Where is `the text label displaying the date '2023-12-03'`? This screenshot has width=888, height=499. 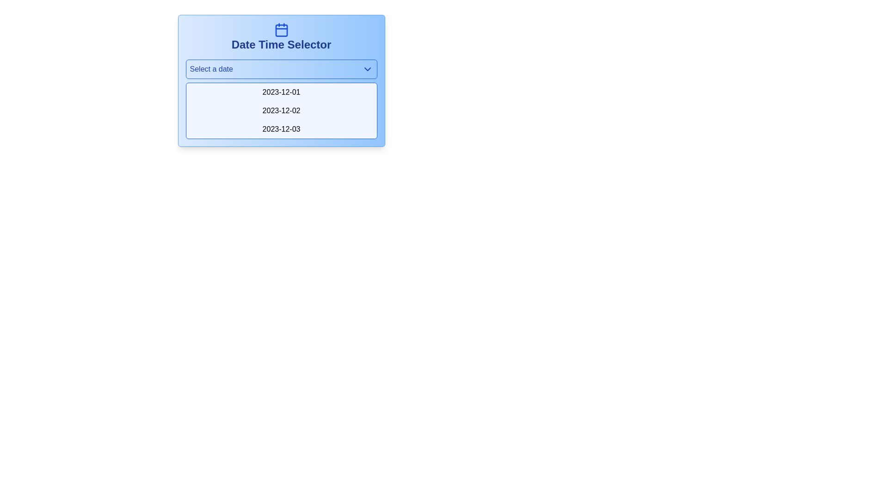
the text label displaying the date '2023-12-03' is located at coordinates (281, 129).